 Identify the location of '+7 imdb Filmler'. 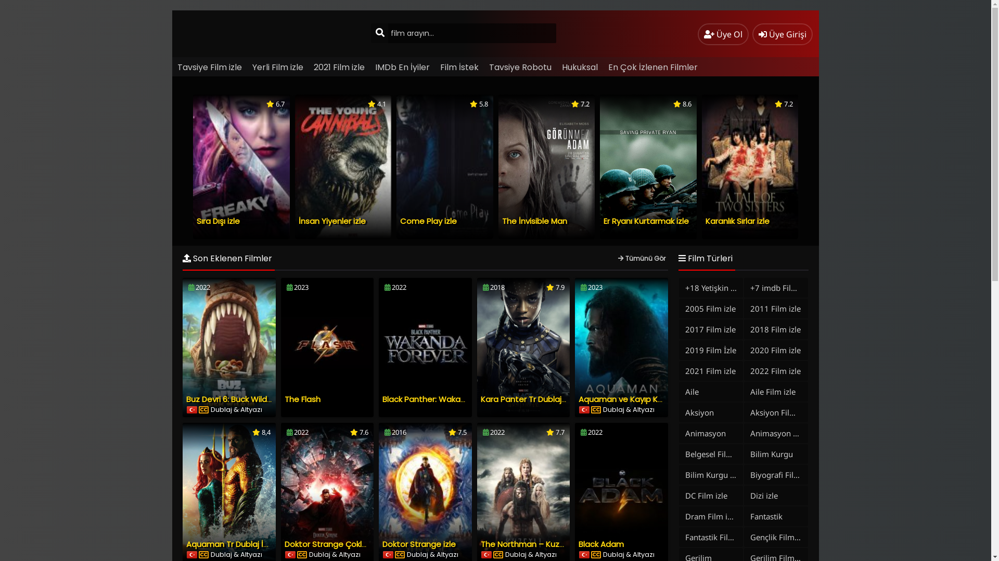
(776, 288).